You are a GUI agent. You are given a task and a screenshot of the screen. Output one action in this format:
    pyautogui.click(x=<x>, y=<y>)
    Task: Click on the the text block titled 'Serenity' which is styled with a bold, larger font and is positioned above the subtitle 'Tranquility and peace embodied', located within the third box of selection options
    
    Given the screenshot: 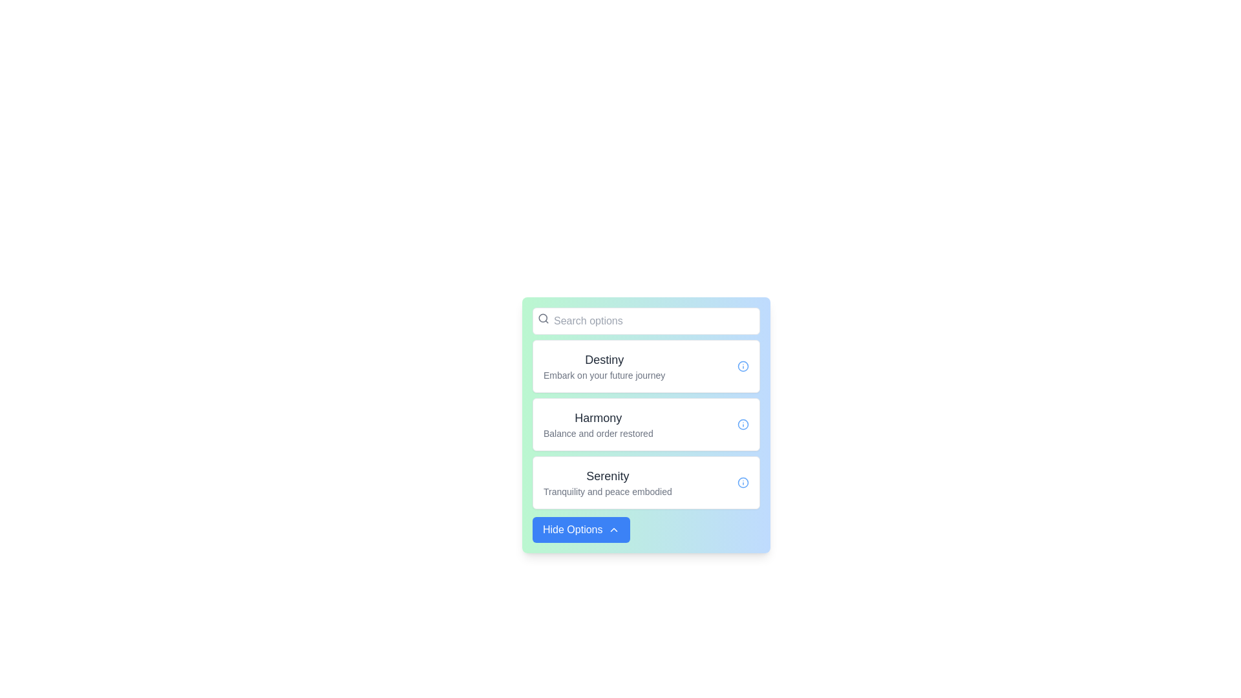 What is the action you would take?
    pyautogui.click(x=607, y=483)
    